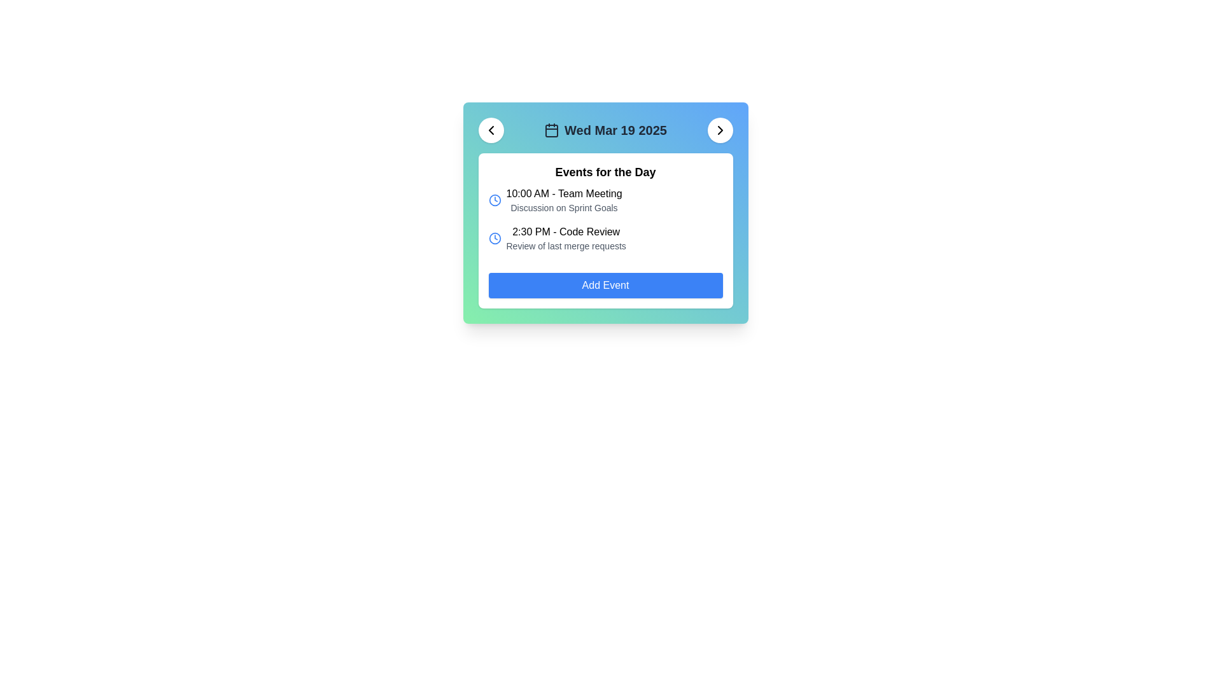  Describe the element at coordinates (605, 284) in the screenshot. I see `the 'Add Event' button, which is a rectangular button with rounded edges, styled with a blue background and white text, located at the bottom of the event schedule card` at that location.